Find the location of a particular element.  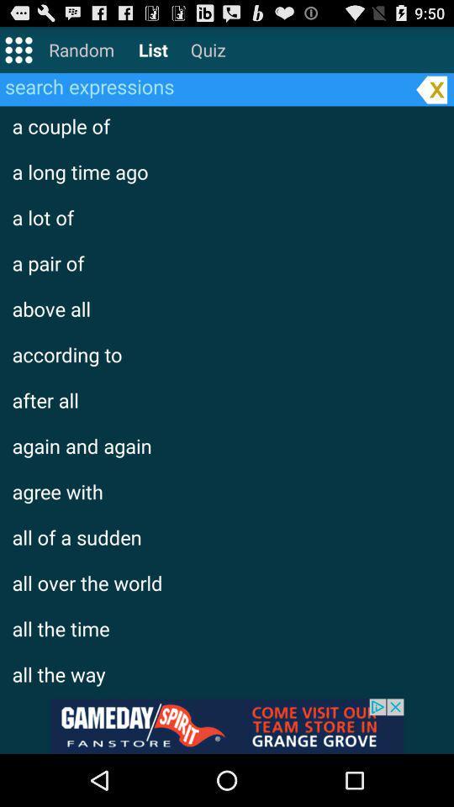

the close button on the web page is located at coordinates (431, 89).